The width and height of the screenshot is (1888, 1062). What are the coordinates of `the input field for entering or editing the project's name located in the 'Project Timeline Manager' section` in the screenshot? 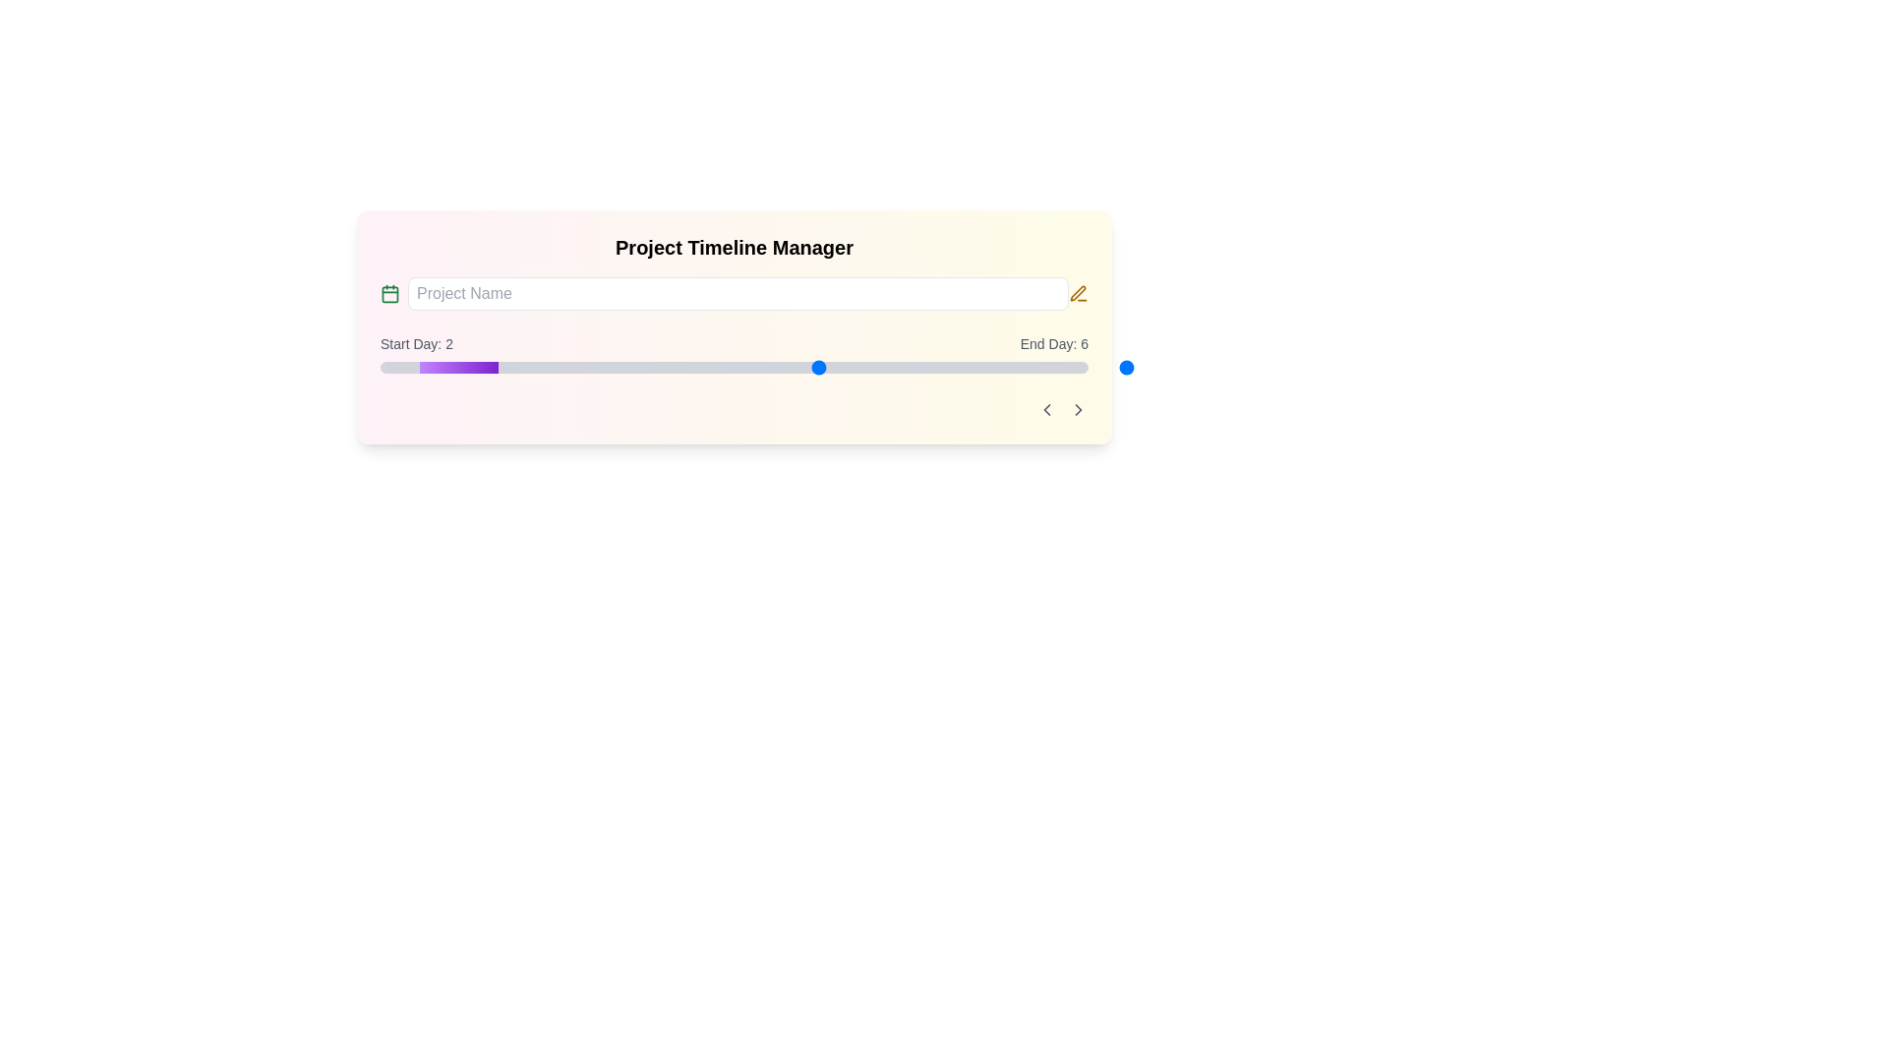 It's located at (734, 294).